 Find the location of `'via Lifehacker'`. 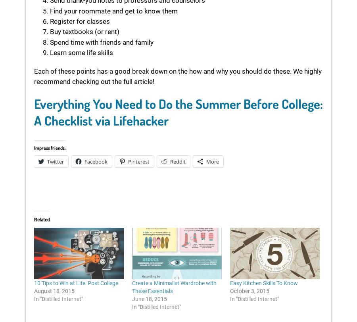

'via Lifehacker' is located at coordinates (131, 120).